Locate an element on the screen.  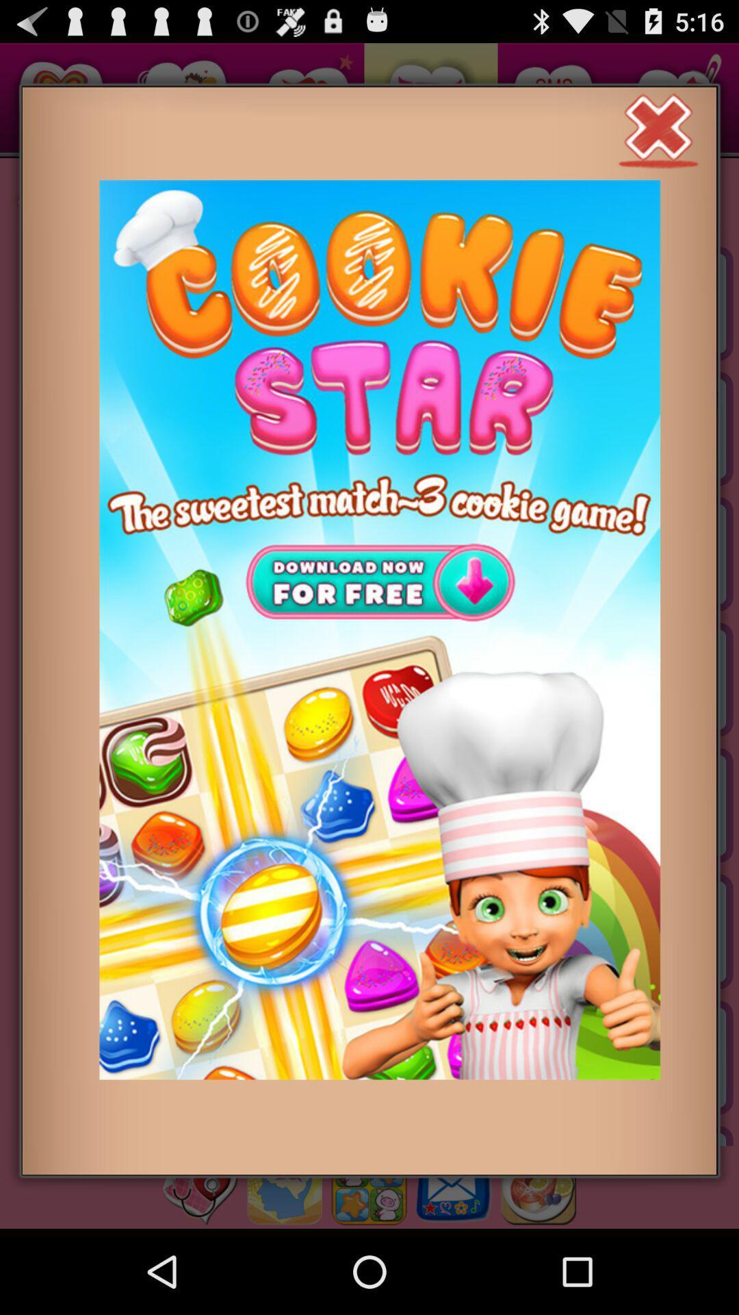
downloadgame is located at coordinates (380, 629).